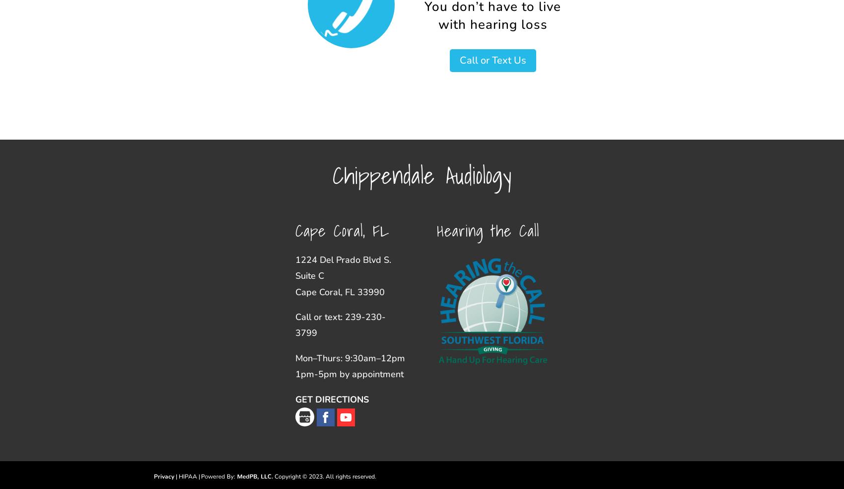 Image resolution: width=844 pixels, height=489 pixels. Describe the element at coordinates (163, 476) in the screenshot. I see `'Privacy'` at that location.